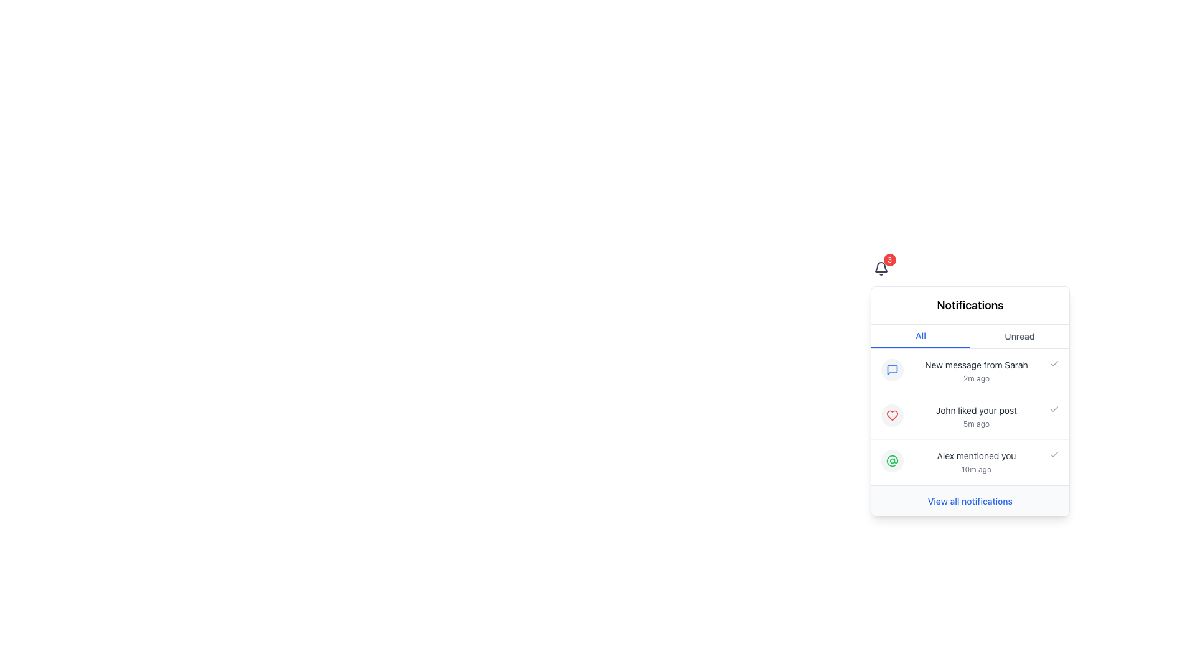 The width and height of the screenshot is (1195, 672). I want to click on the active 'All' tab button, which is the leftmost tab in the notifications dropdown panel, to make it the current selection, so click(921, 336).